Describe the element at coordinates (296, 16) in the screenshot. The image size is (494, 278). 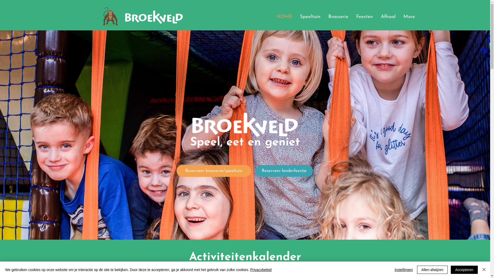
I see `'Speeltuin'` at that location.